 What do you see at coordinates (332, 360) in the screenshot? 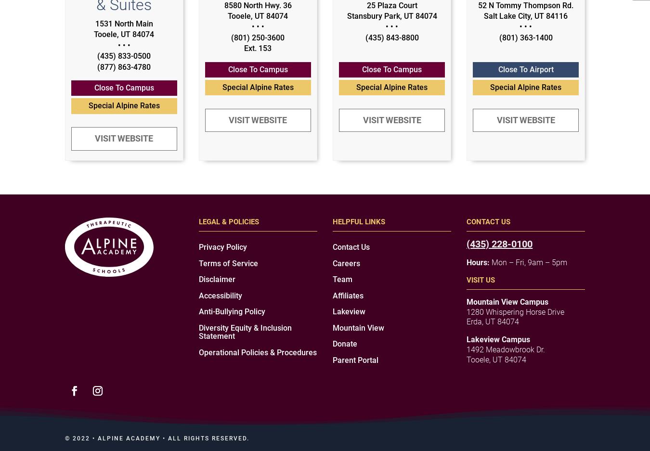
I see `'Parent Portal'` at bounding box center [332, 360].